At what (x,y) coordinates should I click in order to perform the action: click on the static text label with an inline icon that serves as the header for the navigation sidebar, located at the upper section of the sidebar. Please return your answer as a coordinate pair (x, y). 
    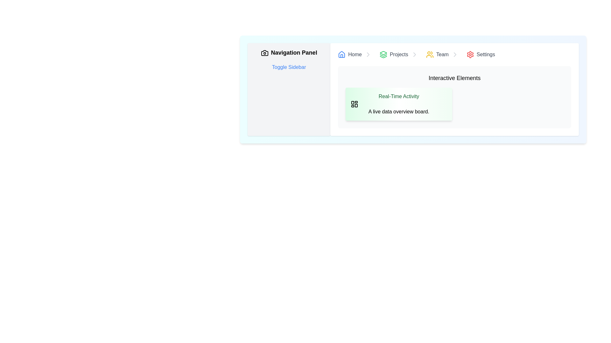
    Looking at the image, I should click on (289, 52).